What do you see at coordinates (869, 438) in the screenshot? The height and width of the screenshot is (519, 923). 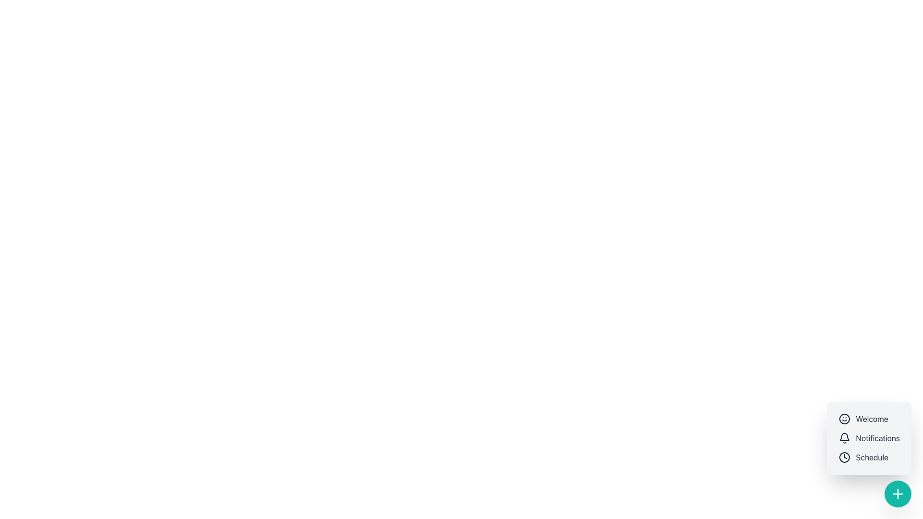 I see `the 'Notifications' list item, which is the second item in a vertical list with a bell icon` at bounding box center [869, 438].